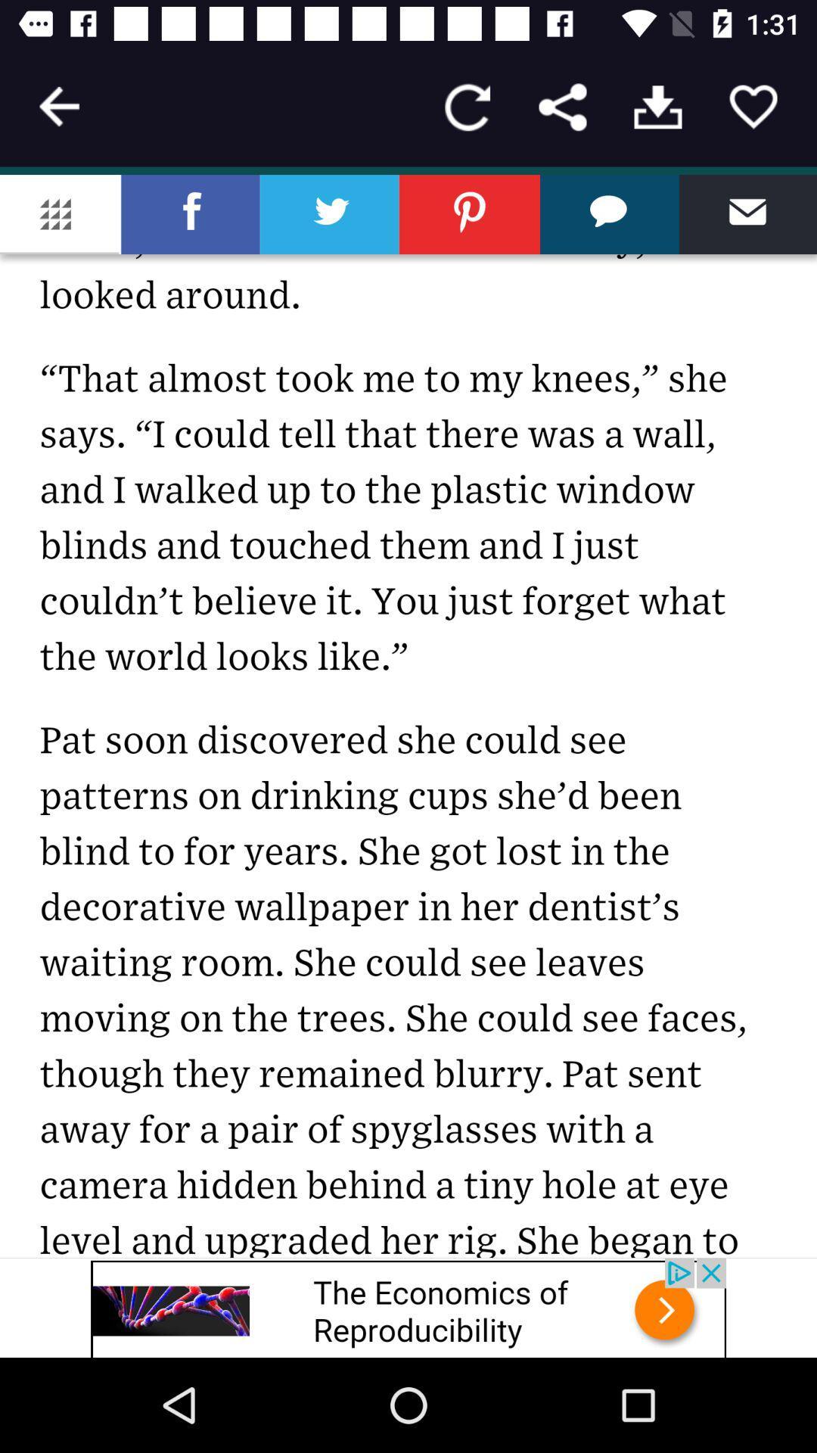 The image size is (817, 1453). I want to click on go back, so click(58, 106).